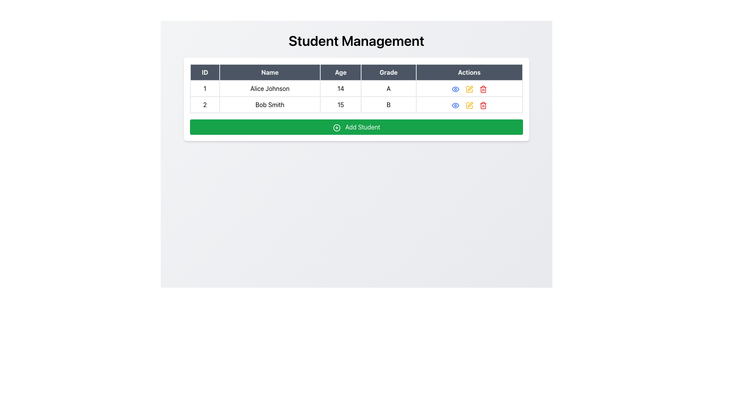  I want to click on the 'Add Student' button which is located below a table structure and features a green icon on the left side, so click(336, 127).